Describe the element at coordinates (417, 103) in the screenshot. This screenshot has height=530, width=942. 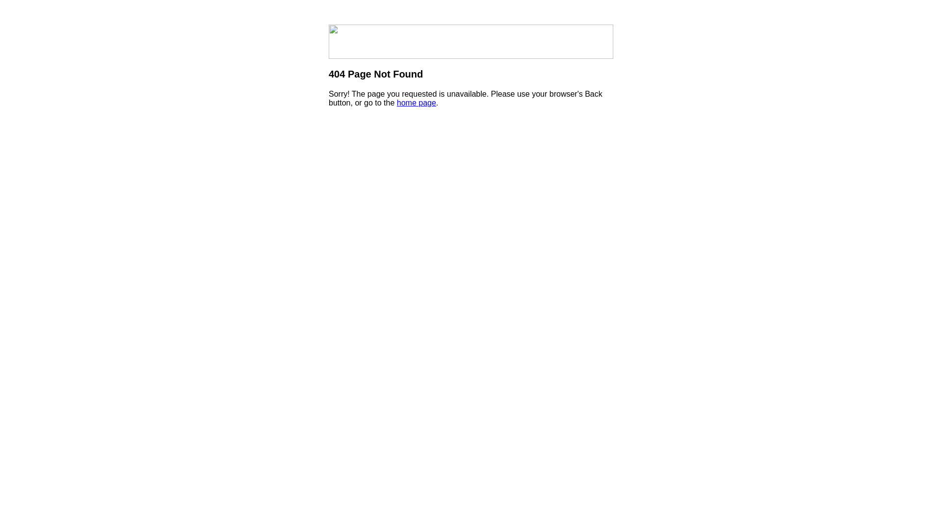
I see `'home page'` at that location.